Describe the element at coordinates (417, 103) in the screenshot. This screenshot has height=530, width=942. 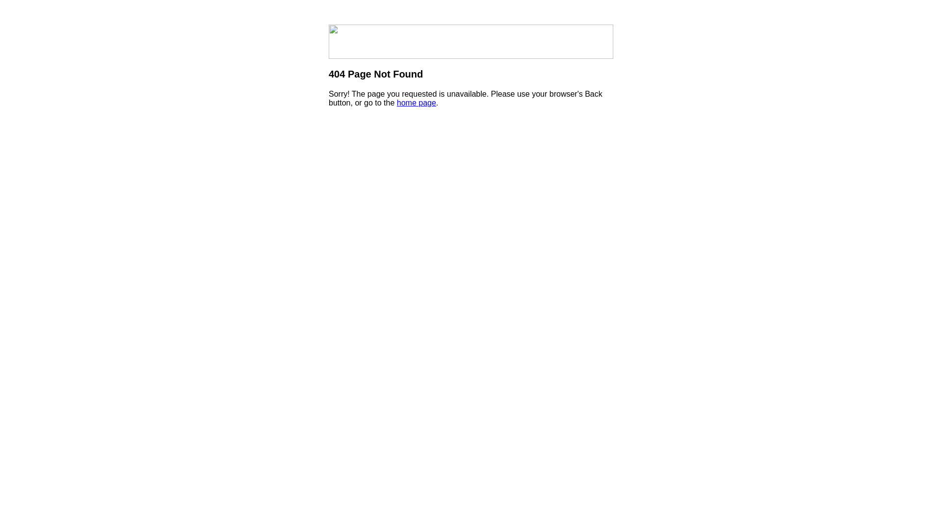
I see `'home page'` at that location.